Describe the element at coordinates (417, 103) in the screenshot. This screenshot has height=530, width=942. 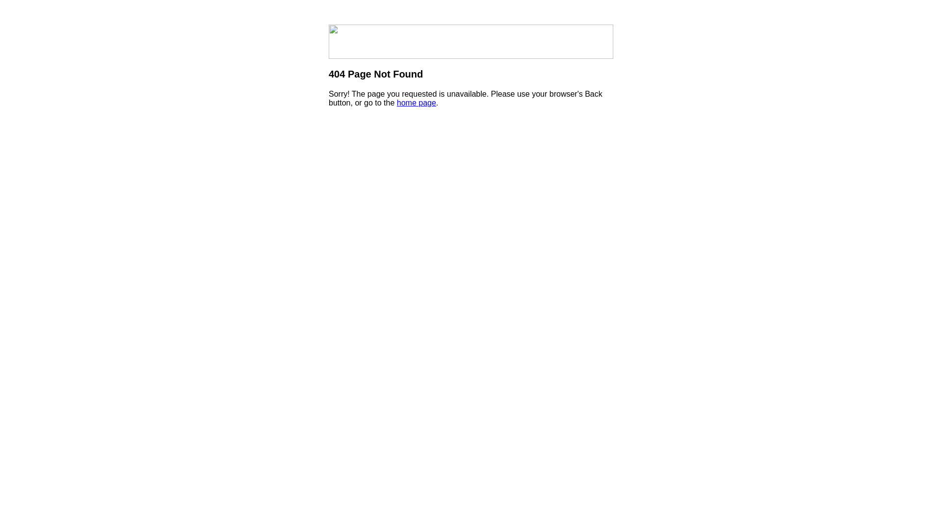
I see `'home page'` at that location.